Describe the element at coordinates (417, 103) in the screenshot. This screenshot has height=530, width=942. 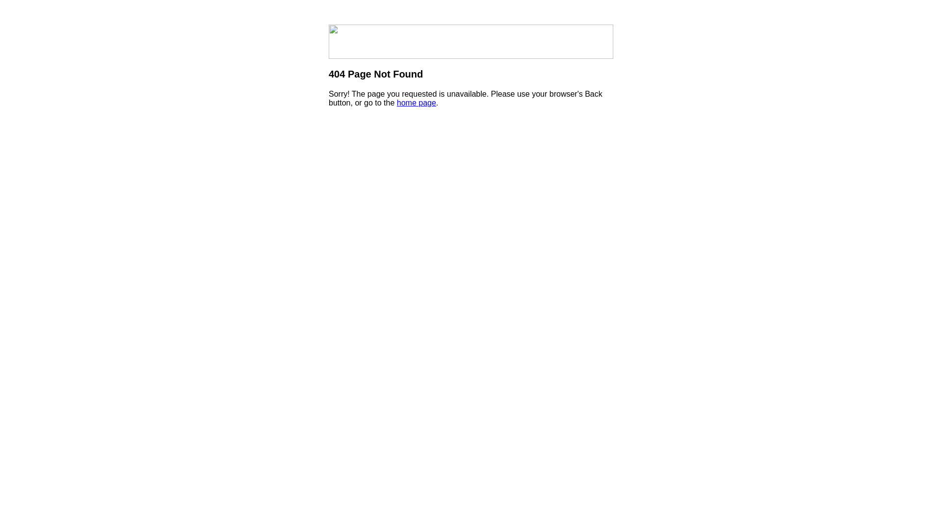
I see `'home page'` at that location.